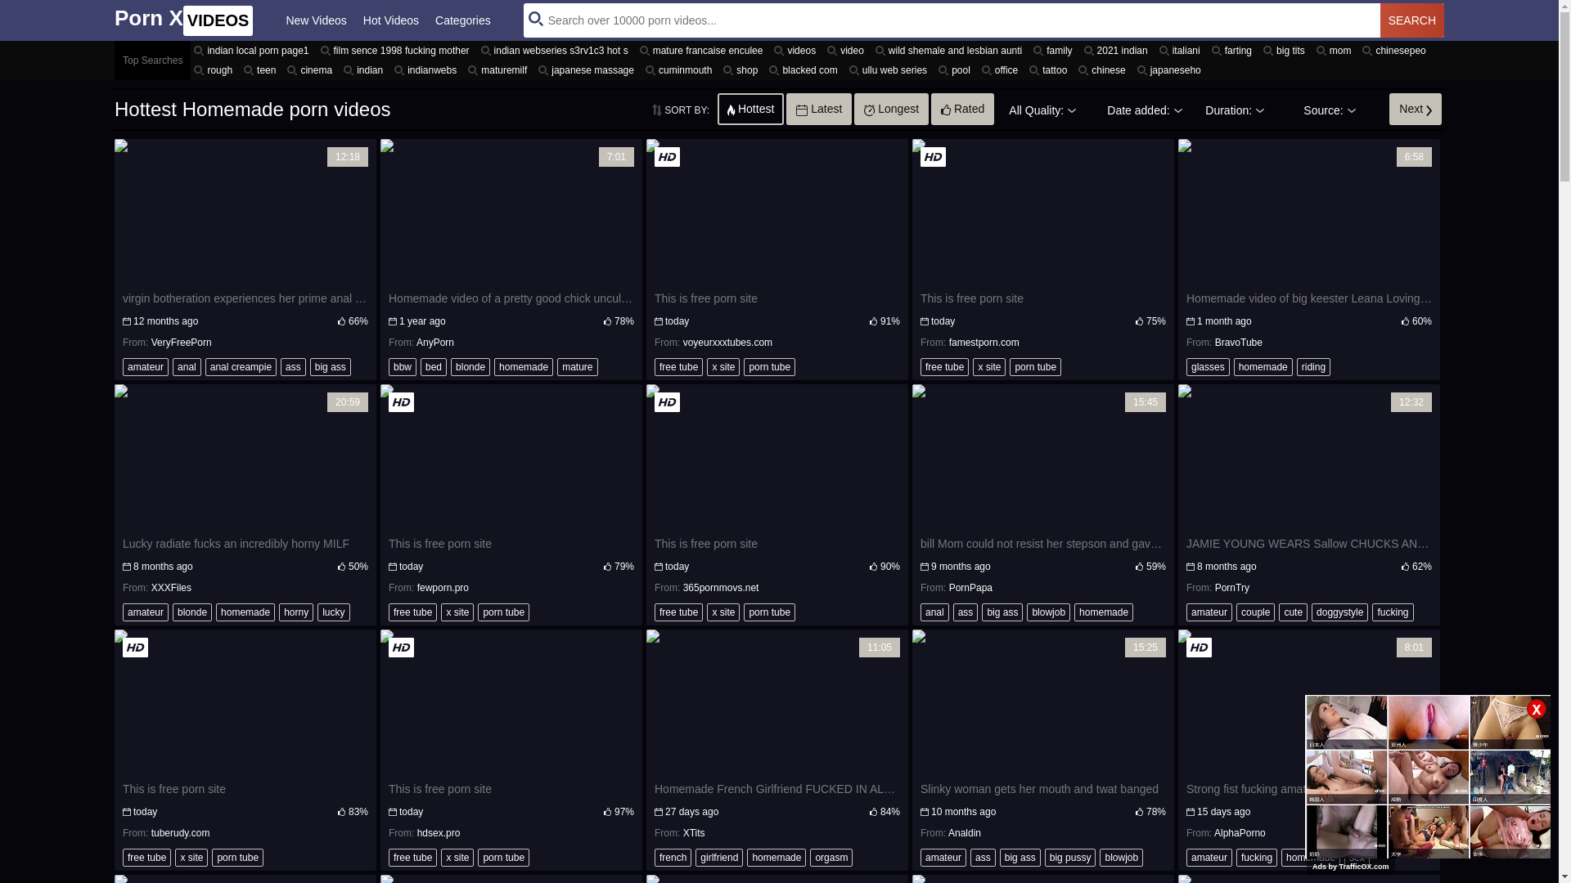 The height and width of the screenshot is (883, 1571). Describe the element at coordinates (768, 365) in the screenshot. I see `'porn tube'` at that location.